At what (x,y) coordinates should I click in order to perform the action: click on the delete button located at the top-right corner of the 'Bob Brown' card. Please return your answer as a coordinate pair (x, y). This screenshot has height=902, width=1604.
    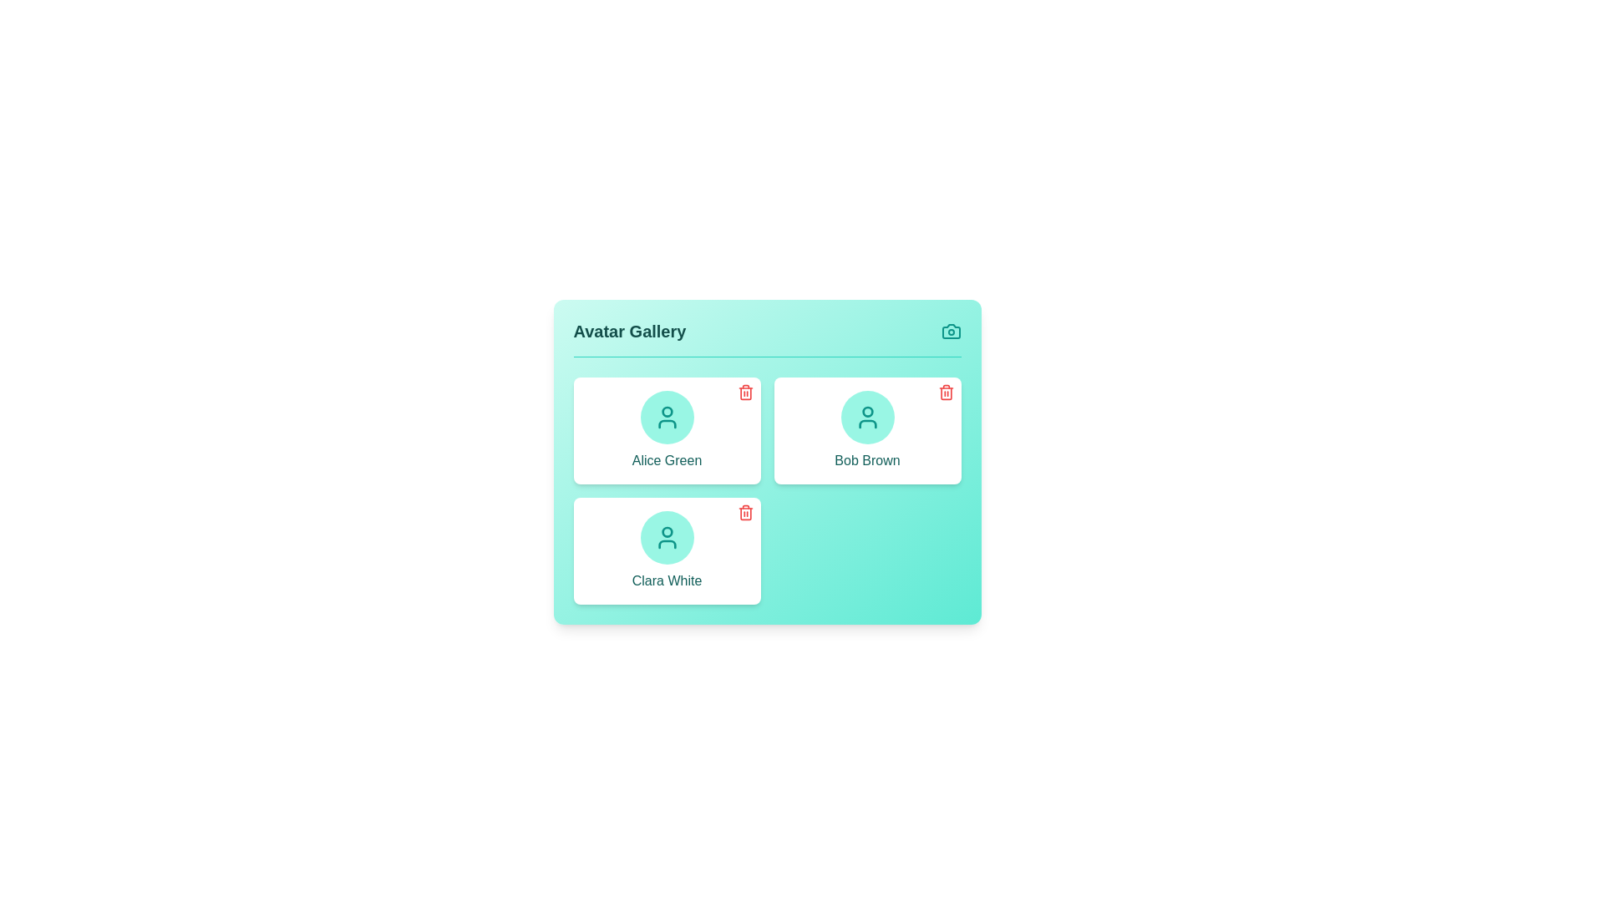
    Looking at the image, I should click on (946, 393).